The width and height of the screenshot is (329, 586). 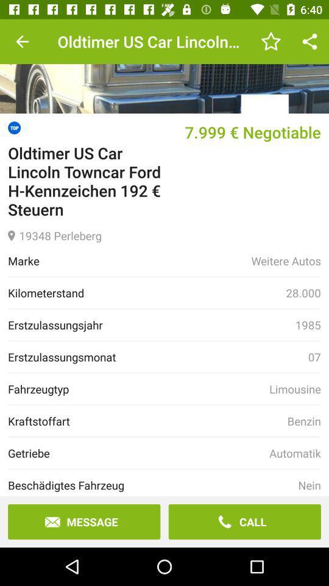 What do you see at coordinates (147, 421) in the screenshot?
I see `the kraftstoffart` at bounding box center [147, 421].